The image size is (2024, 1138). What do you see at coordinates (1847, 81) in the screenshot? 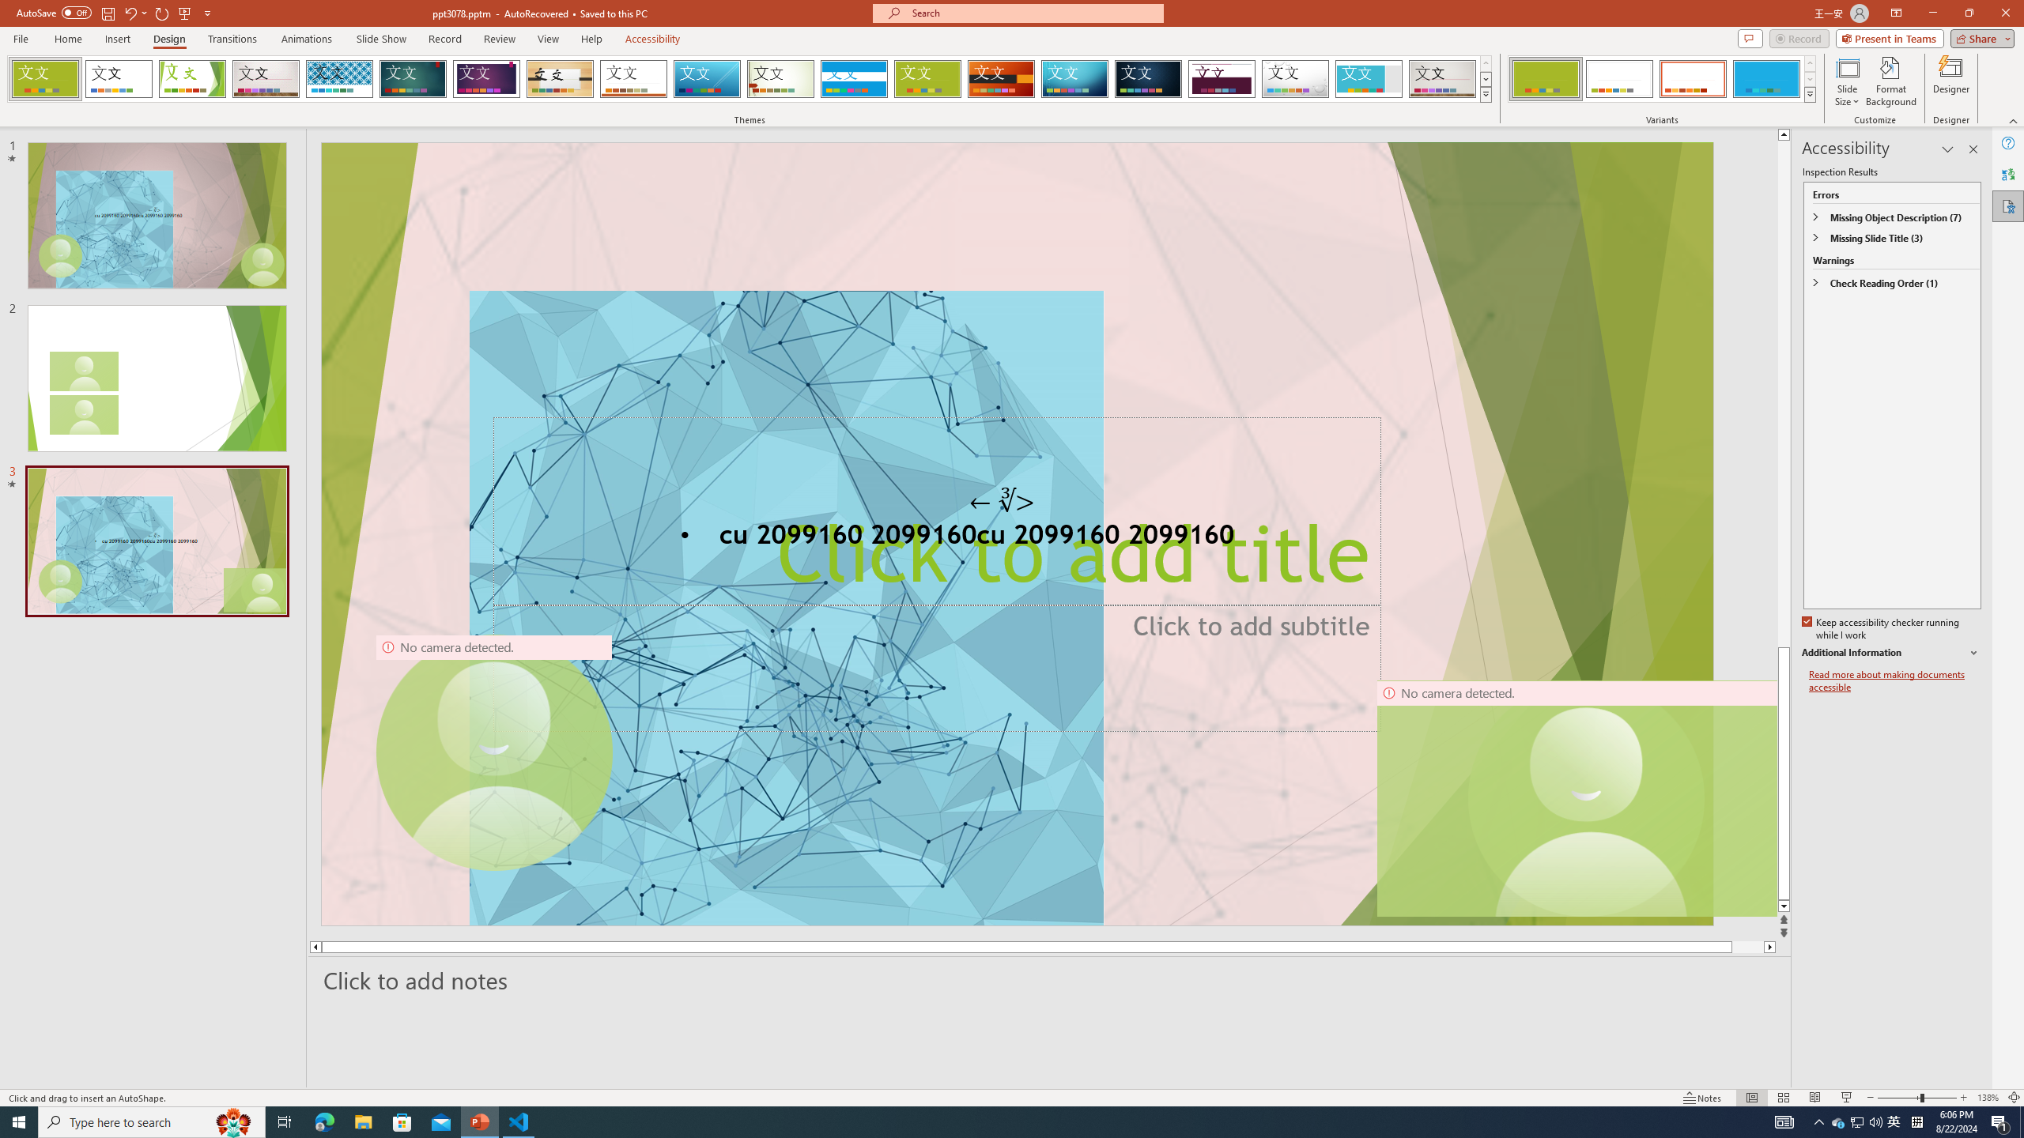
I see `'Slide Size'` at bounding box center [1847, 81].